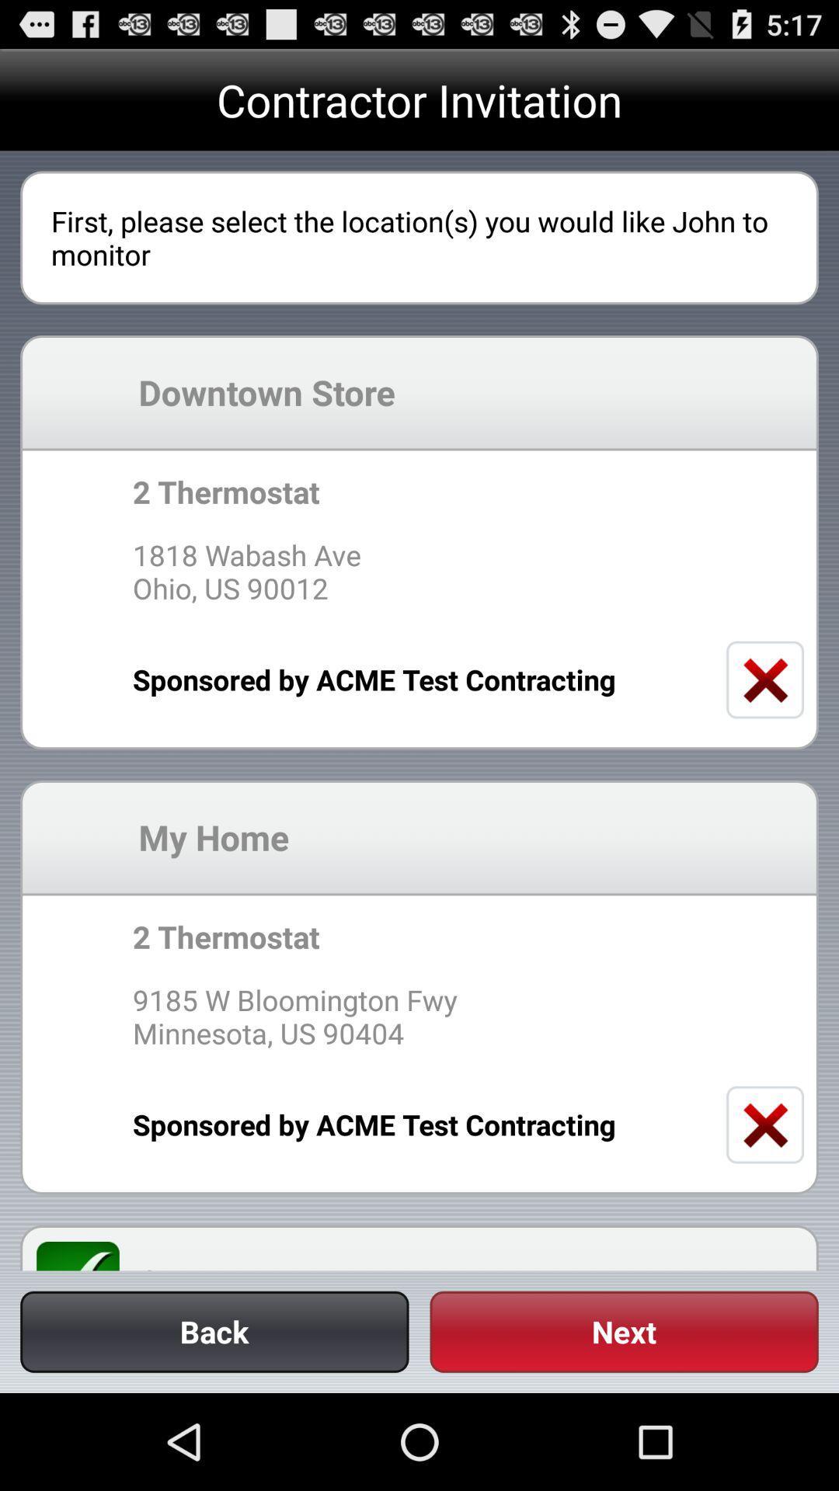 This screenshot has width=839, height=1491. What do you see at coordinates (214, 1331) in the screenshot?
I see `back button` at bounding box center [214, 1331].